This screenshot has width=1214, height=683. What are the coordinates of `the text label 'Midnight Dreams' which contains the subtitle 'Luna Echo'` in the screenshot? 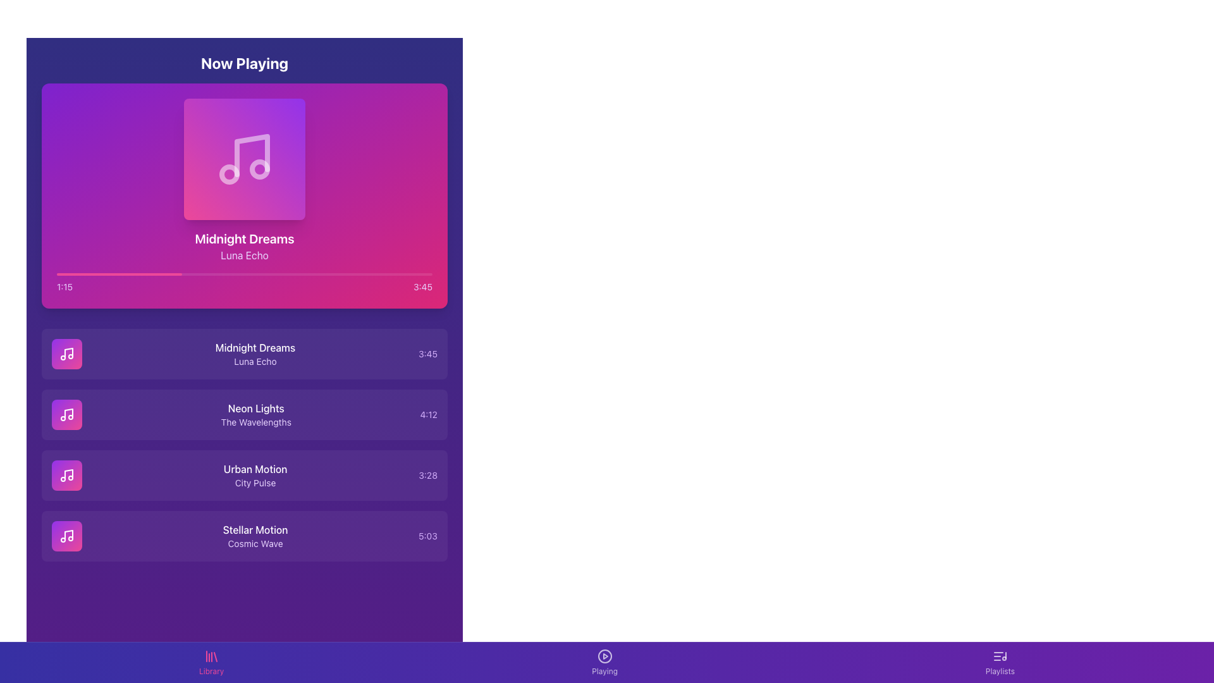 It's located at (254, 354).